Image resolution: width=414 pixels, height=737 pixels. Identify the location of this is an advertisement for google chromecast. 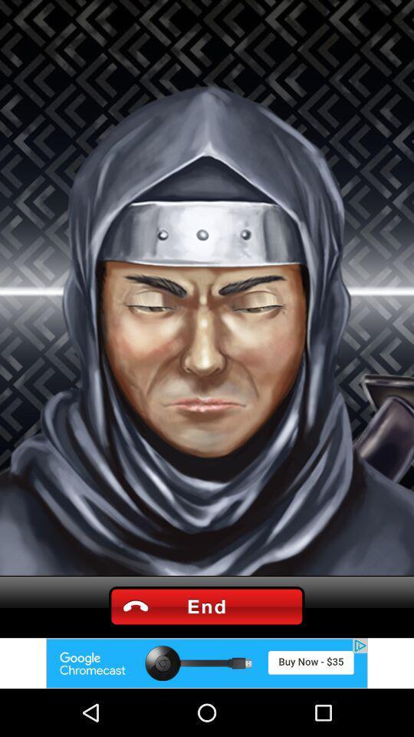
(207, 663).